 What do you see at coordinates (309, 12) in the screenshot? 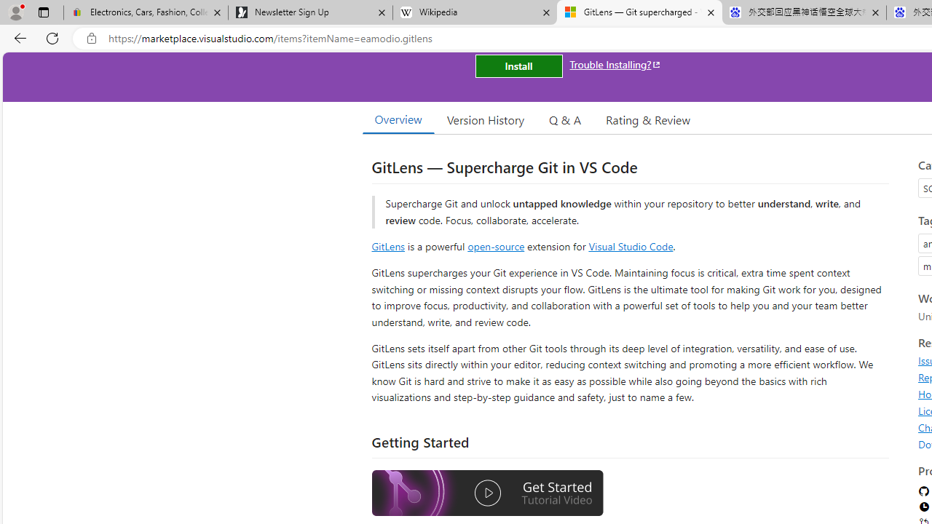
I see `'Newsletter Sign Up'` at bounding box center [309, 12].